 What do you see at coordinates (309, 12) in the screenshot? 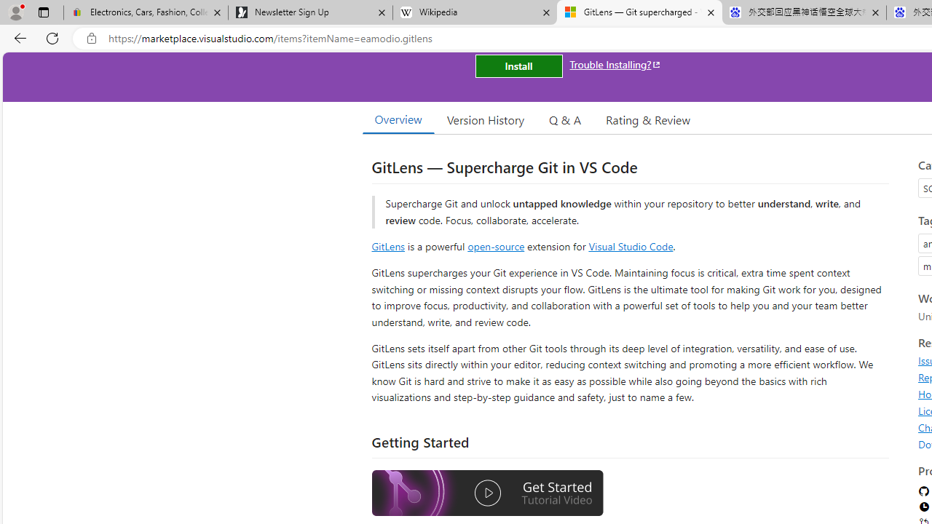
I see `'Newsletter Sign Up'` at bounding box center [309, 12].